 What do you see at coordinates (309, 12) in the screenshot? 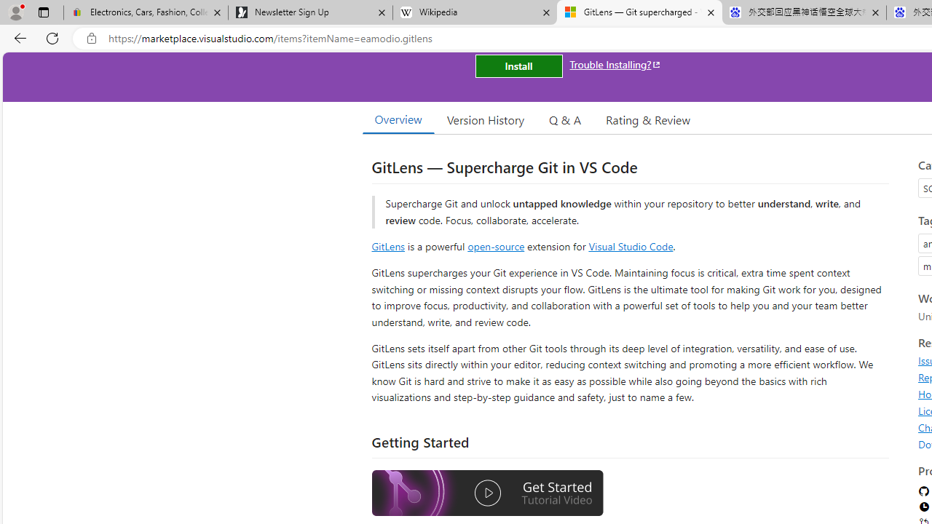
I see `'Newsletter Sign Up'` at bounding box center [309, 12].